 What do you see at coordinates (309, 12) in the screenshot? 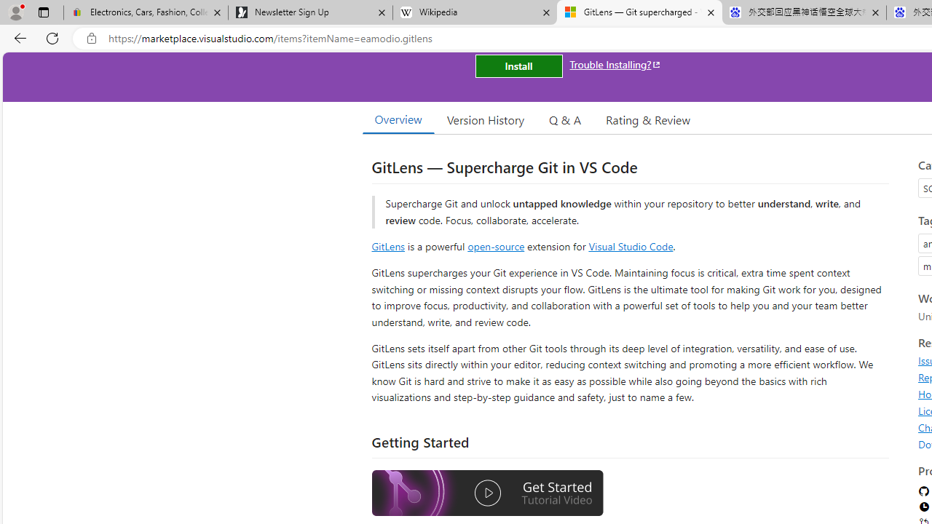
I see `'Newsletter Sign Up'` at bounding box center [309, 12].